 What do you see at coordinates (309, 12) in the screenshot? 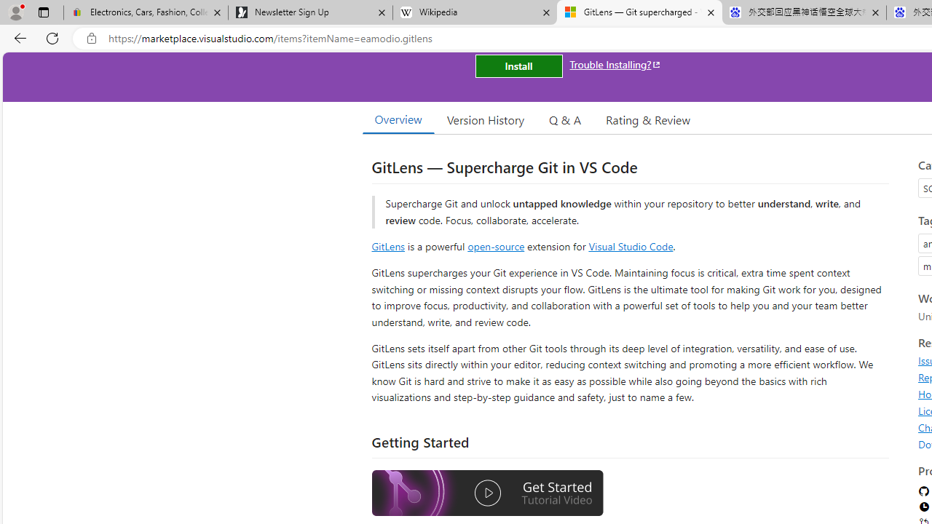
I see `'Newsletter Sign Up'` at bounding box center [309, 12].